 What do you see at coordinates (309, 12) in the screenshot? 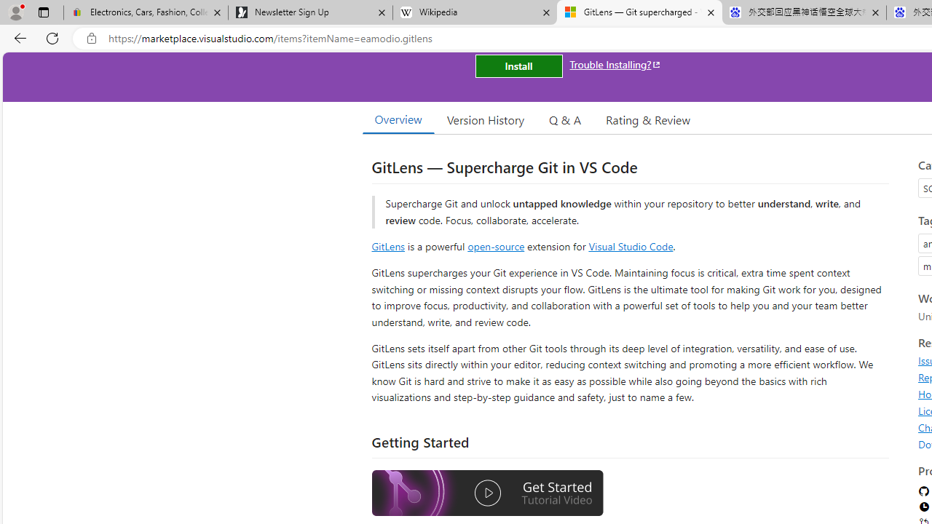
I see `'Newsletter Sign Up'` at bounding box center [309, 12].